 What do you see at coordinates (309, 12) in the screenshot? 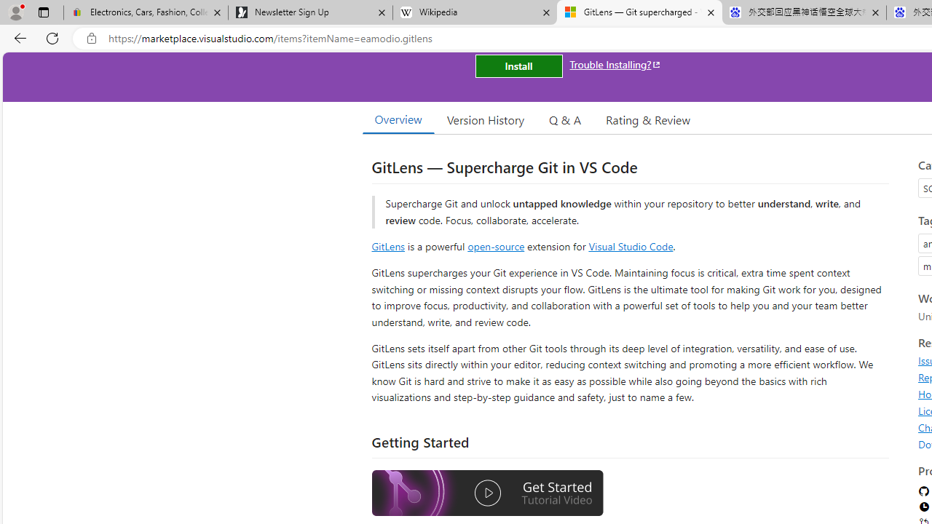
I see `'Newsletter Sign Up'` at bounding box center [309, 12].